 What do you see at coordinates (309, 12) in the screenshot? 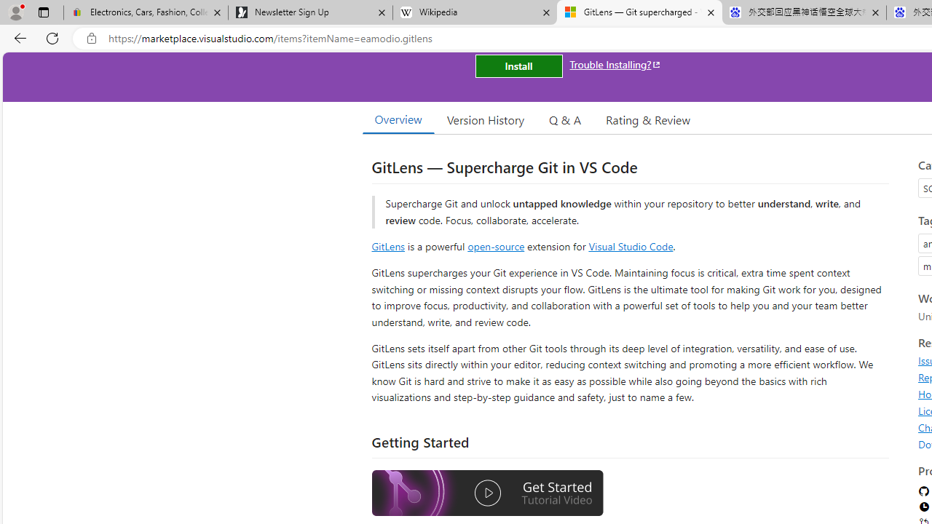
I see `'Newsletter Sign Up'` at bounding box center [309, 12].